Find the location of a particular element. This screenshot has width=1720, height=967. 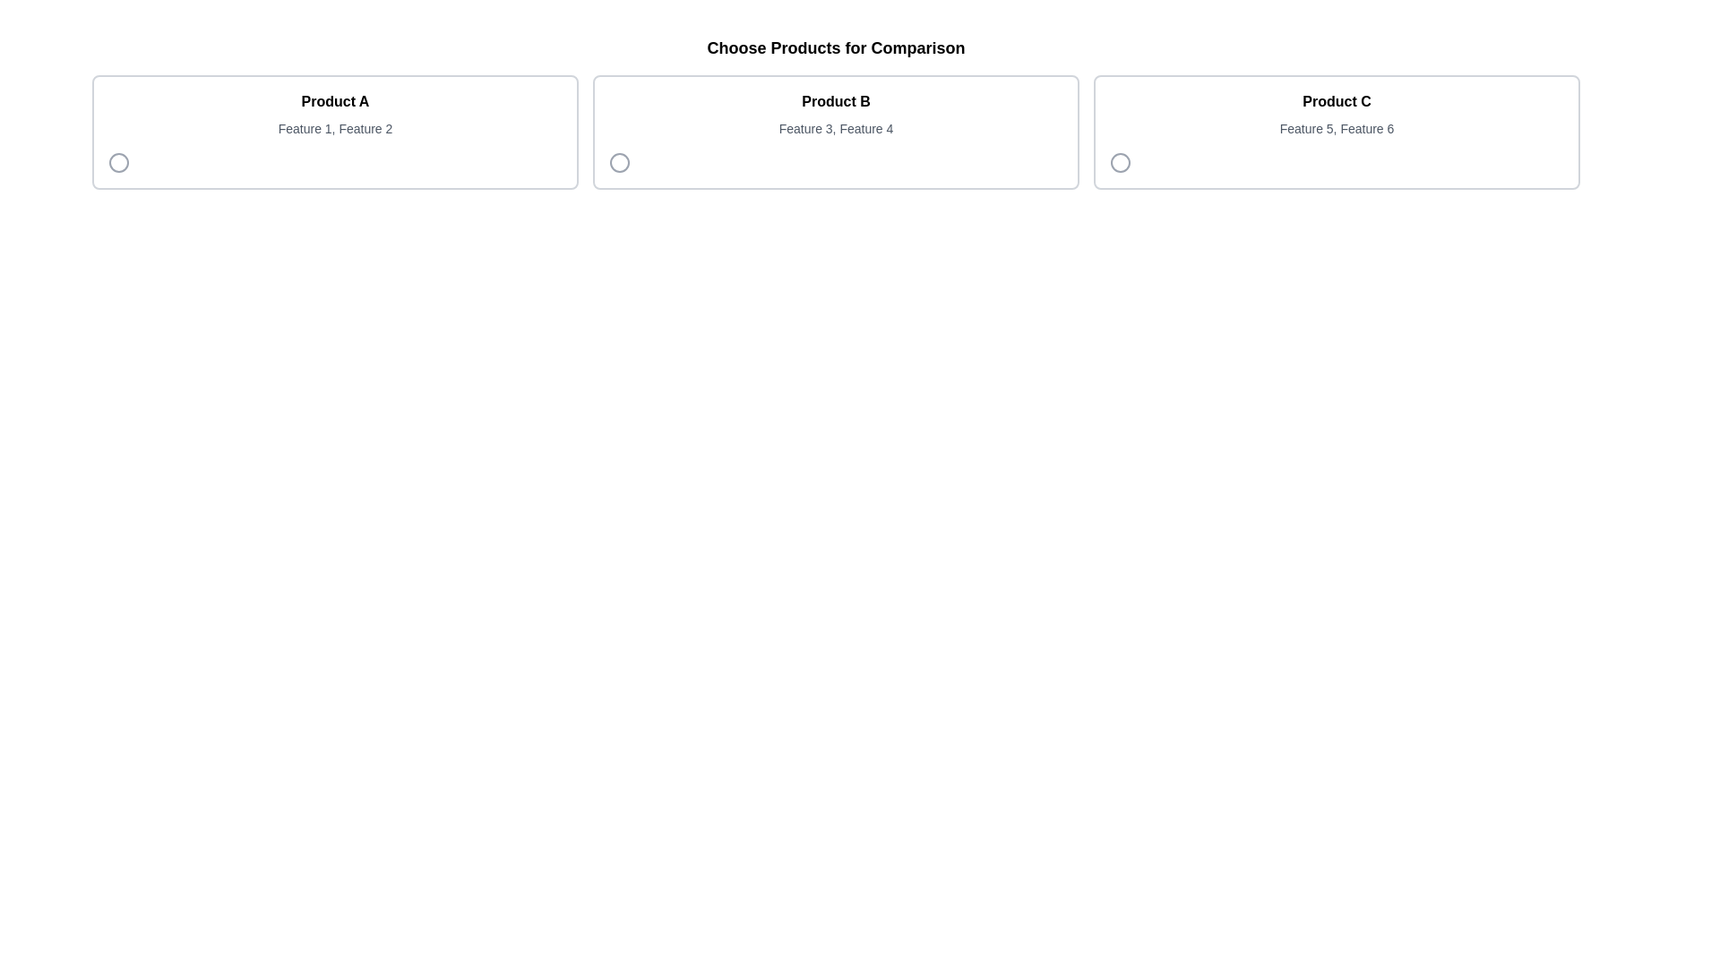

the circular radio button for 'Product C' is located at coordinates (1120, 162).